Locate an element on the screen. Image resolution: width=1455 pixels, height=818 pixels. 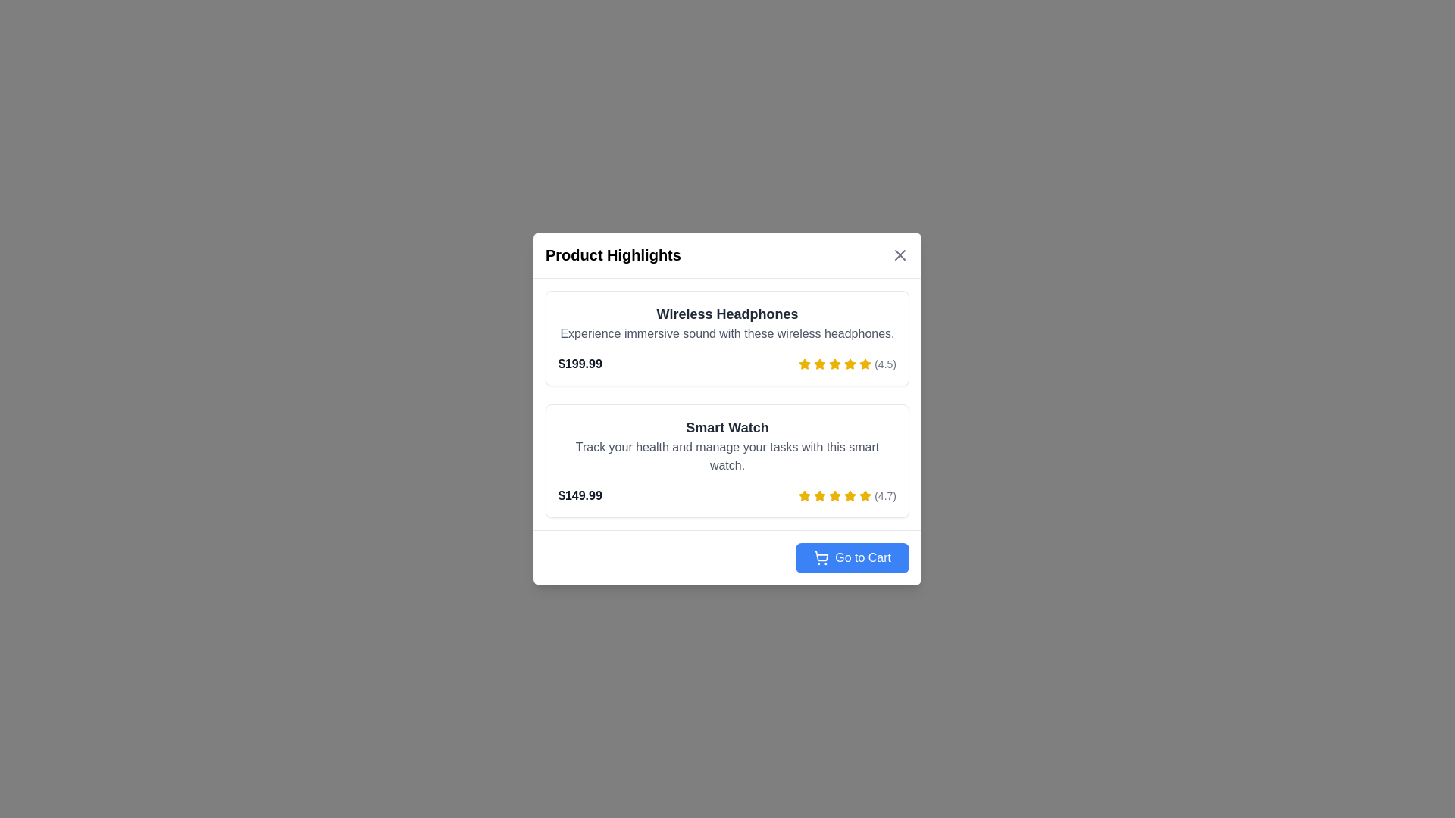
the title text element displaying 'Wireless Headphones', which is styled in bold and large dark gray font and is located directly above the description text is located at coordinates (727, 314).